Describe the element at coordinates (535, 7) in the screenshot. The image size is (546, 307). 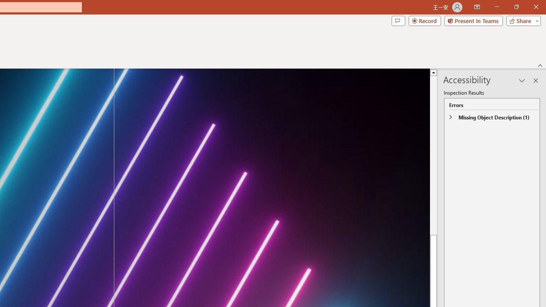
I see `'Close'` at that location.